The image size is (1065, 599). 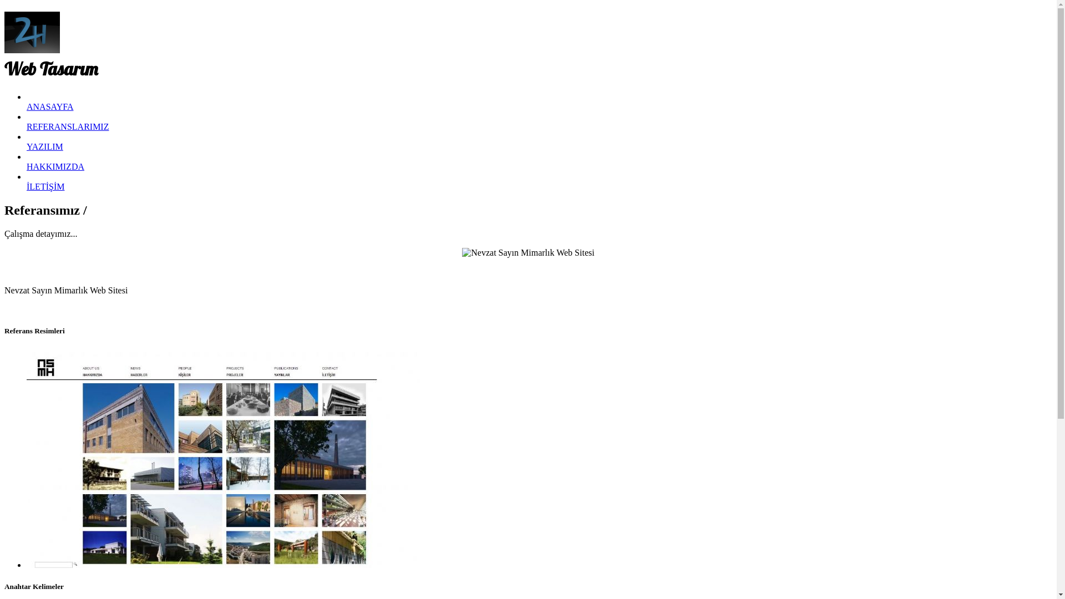 What do you see at coordinates (44, 151) in the screenshot?
I see `'YAZILIM'` at bounding box center [44, 151].